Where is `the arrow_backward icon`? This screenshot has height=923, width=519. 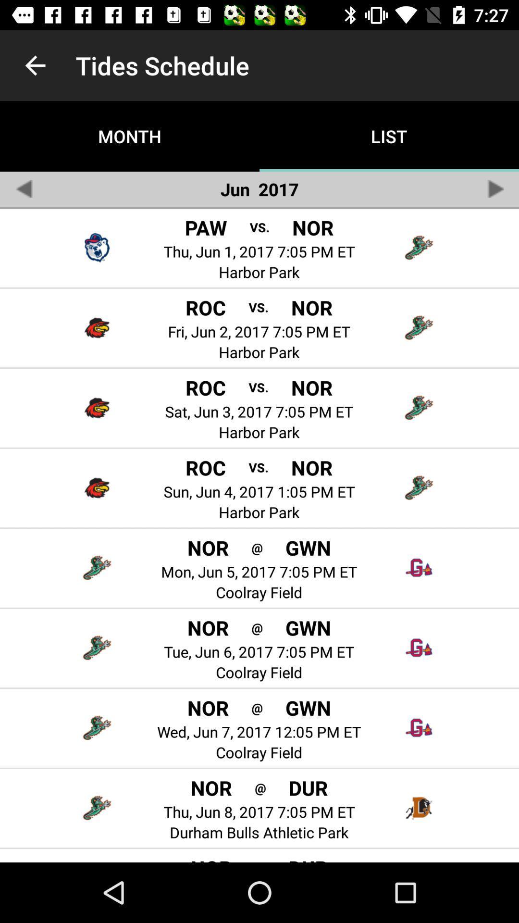 the arrow_backward icon is located at coordinates (23, 188).